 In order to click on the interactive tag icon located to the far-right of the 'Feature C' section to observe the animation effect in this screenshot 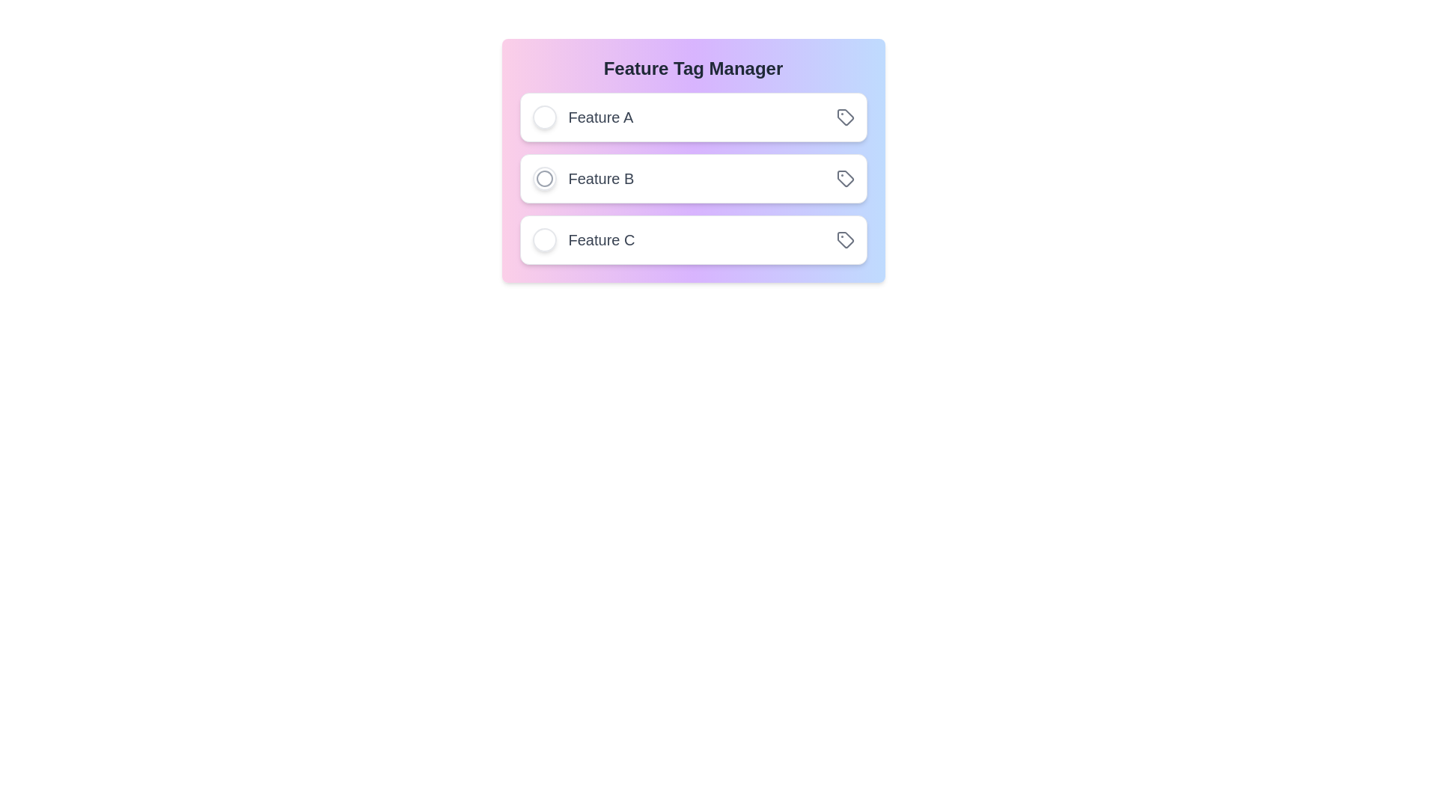, I will do `click(845, 239)`.